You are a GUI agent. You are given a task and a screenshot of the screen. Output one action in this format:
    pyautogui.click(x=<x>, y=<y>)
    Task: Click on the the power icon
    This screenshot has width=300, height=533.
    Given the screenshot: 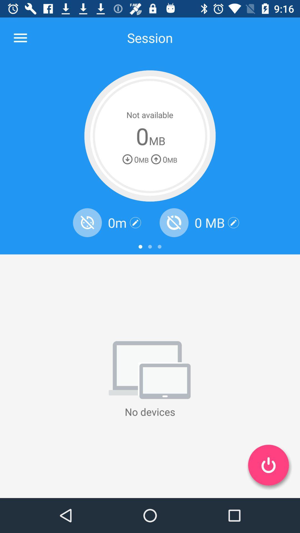 What is the action you would take?
    pyautogui.click(x=268, y=465)
    